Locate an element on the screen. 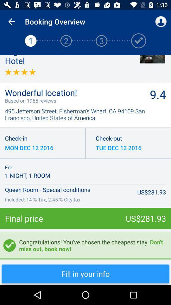 Image resolution: width=171 pixels, height=305 pixels. the image which is right to hotel is located at coordinates (152, 59).